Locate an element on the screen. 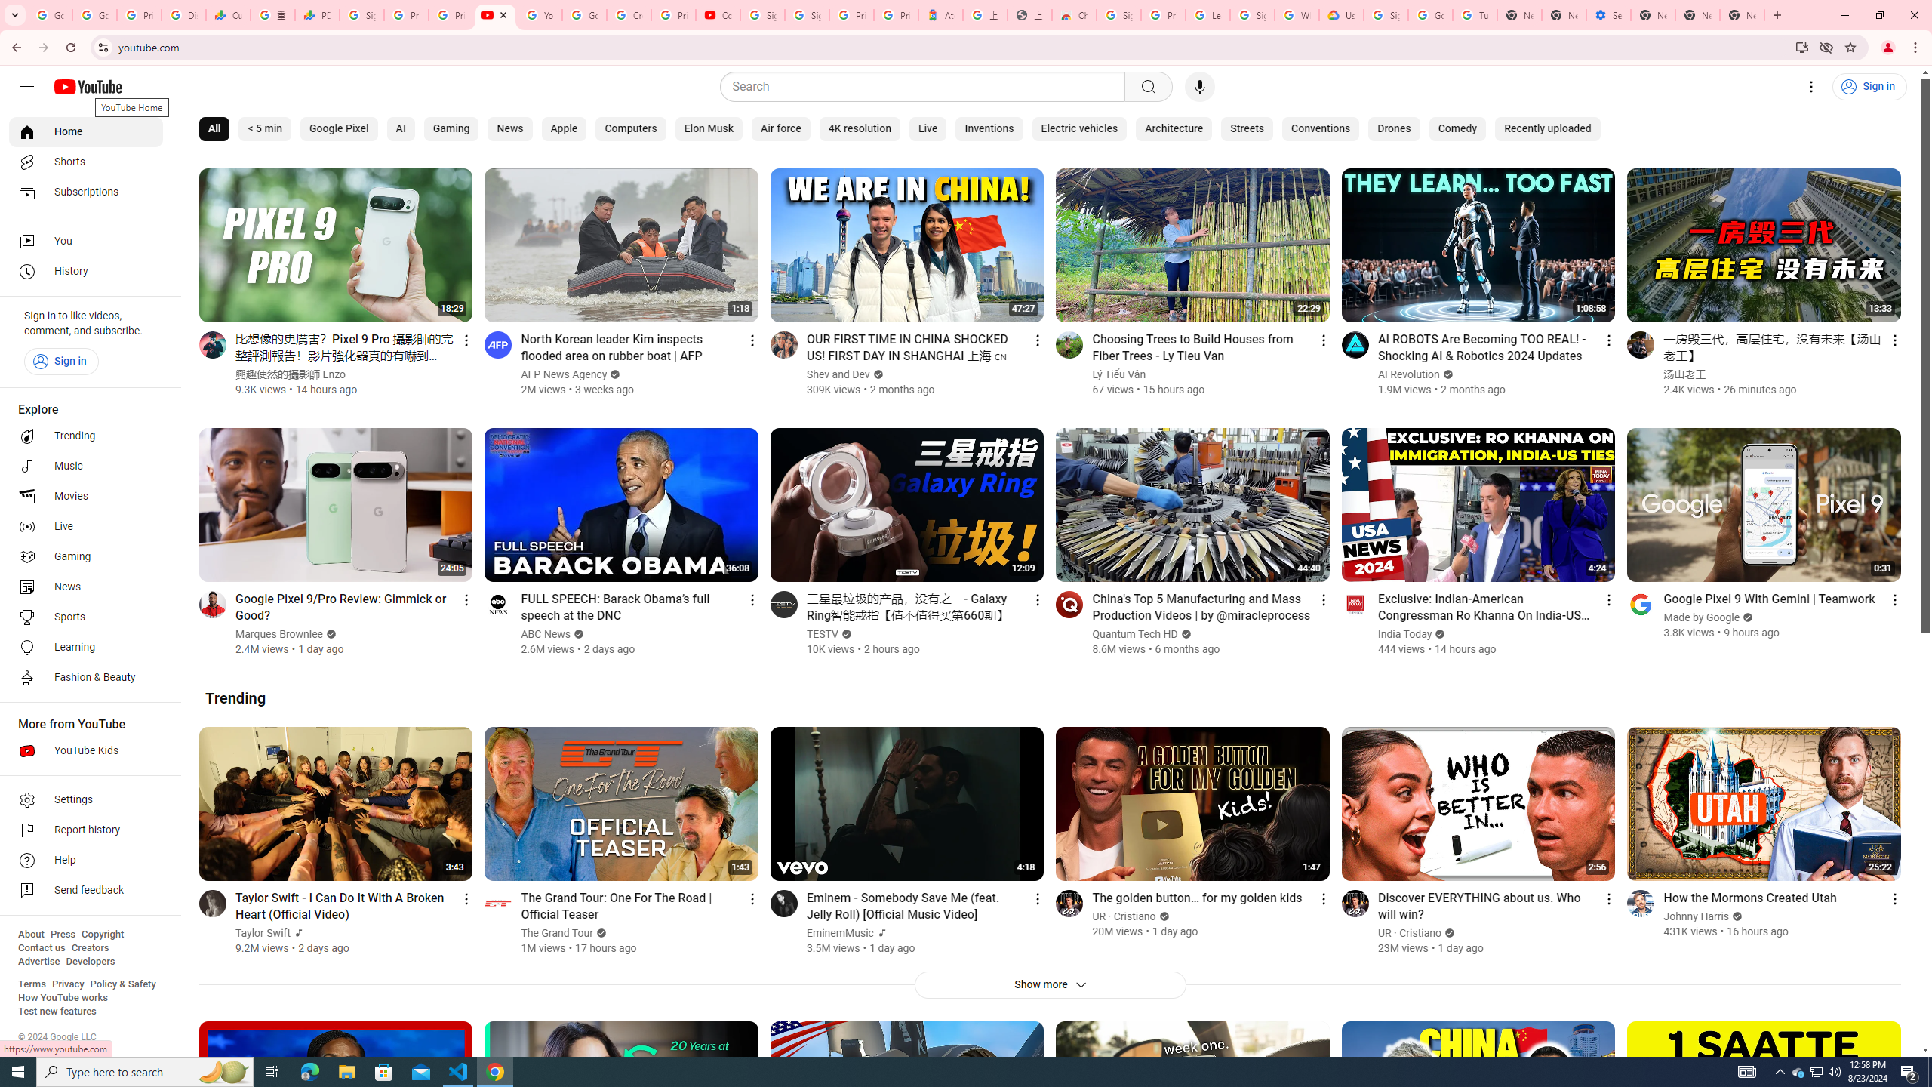 This screenshot has height=1087, width=1932. 'Test new features' is located at coordinates (56, 1010).